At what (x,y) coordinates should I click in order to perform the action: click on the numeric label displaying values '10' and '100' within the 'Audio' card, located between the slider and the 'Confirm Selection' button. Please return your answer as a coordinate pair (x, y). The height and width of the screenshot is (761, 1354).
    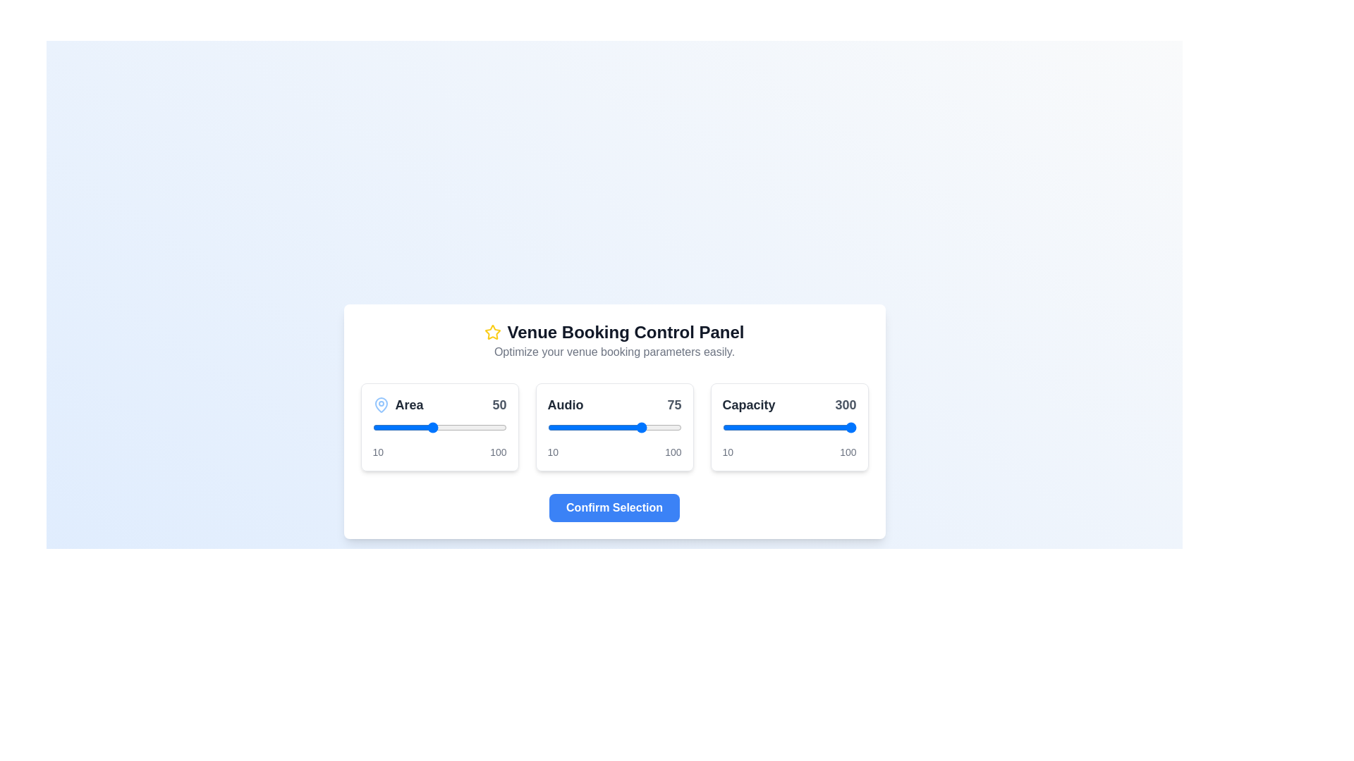
    Looking at the image, I should click on (614, 452).